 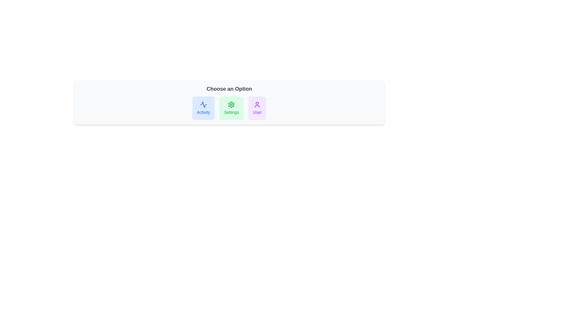 I want to click on text label displaying the word 'Settings', which is styled in green text on a light green background, located below a gear icon and centered between 'Activity' and 'User' buttons, so click(x=231, y=112).